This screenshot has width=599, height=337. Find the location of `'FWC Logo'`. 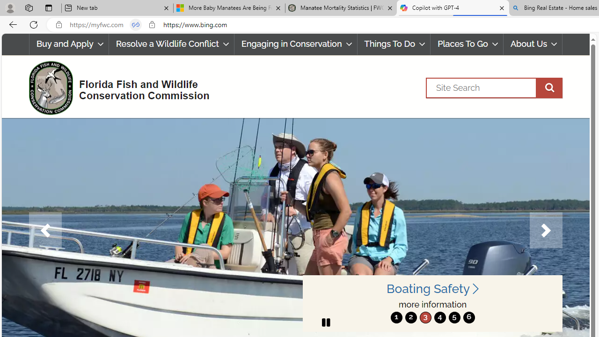

'FWC Logo' is located at coordinates (50, 88).